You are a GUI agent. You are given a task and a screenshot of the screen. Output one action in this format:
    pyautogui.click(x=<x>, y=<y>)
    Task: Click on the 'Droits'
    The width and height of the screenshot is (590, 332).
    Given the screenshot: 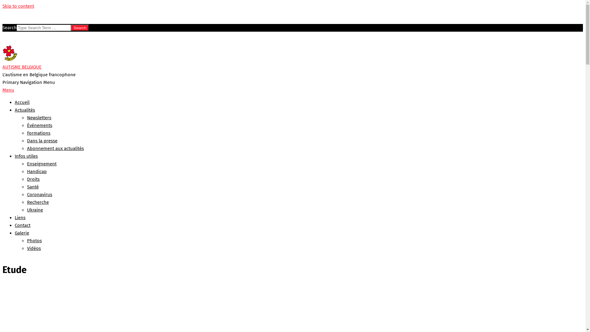 What is the action you would take?
    pyautogui.click(x=33, y=179)
    